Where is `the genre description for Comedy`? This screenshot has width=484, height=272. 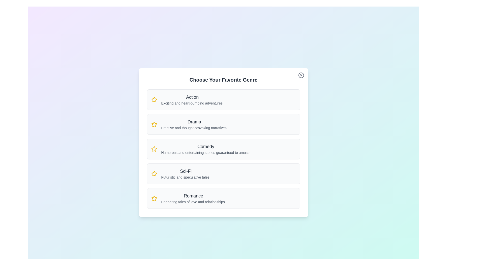
the genre description for Comedy is located at coordinates (206, 149).